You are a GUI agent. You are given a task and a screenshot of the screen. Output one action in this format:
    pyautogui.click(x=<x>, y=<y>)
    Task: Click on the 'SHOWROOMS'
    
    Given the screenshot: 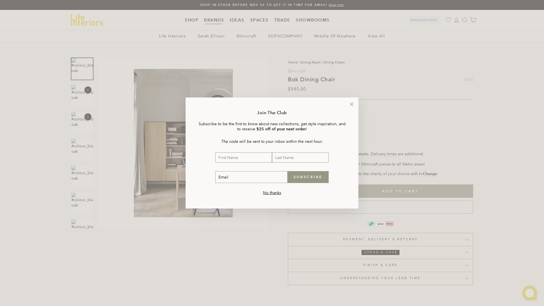 What is the action you would take?
    pyautogui.click(x=313, y=20)
    